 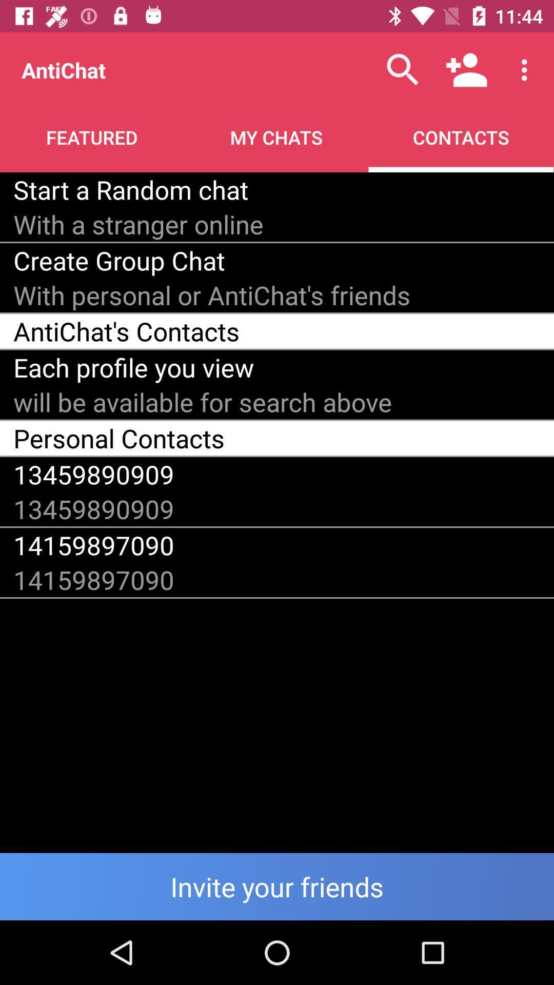 What do you see at coordinates (203, 401) in the screenshot?
I see `will be available at the center` at bounding box center [203, 401].